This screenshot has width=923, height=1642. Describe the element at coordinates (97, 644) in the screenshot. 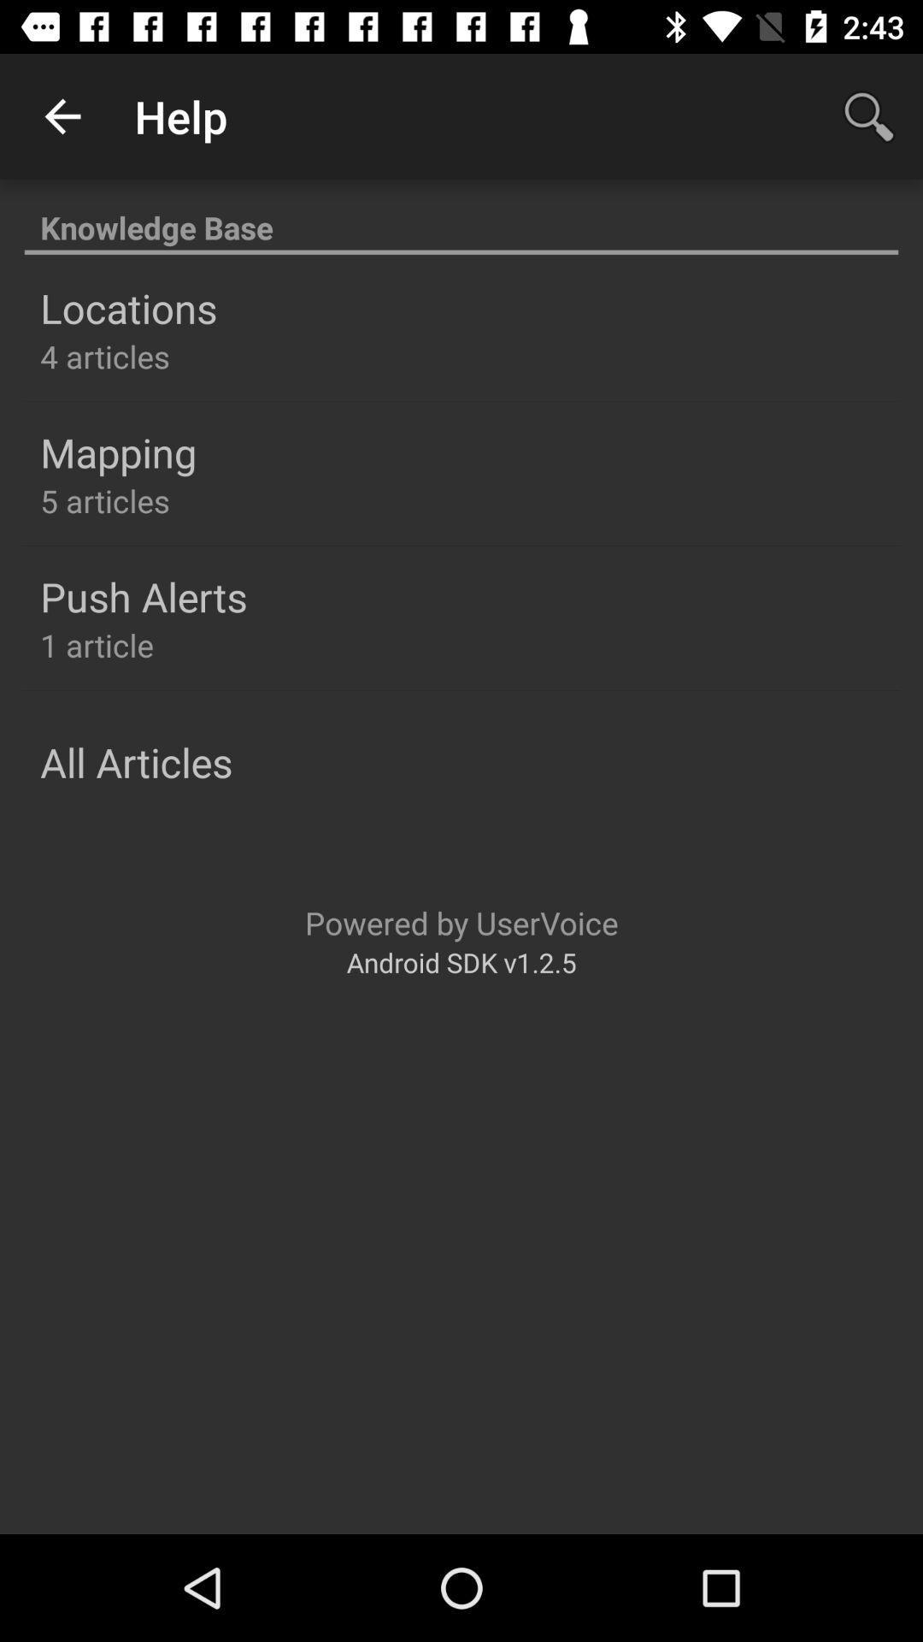

I see `the 1 article icon` at that location.